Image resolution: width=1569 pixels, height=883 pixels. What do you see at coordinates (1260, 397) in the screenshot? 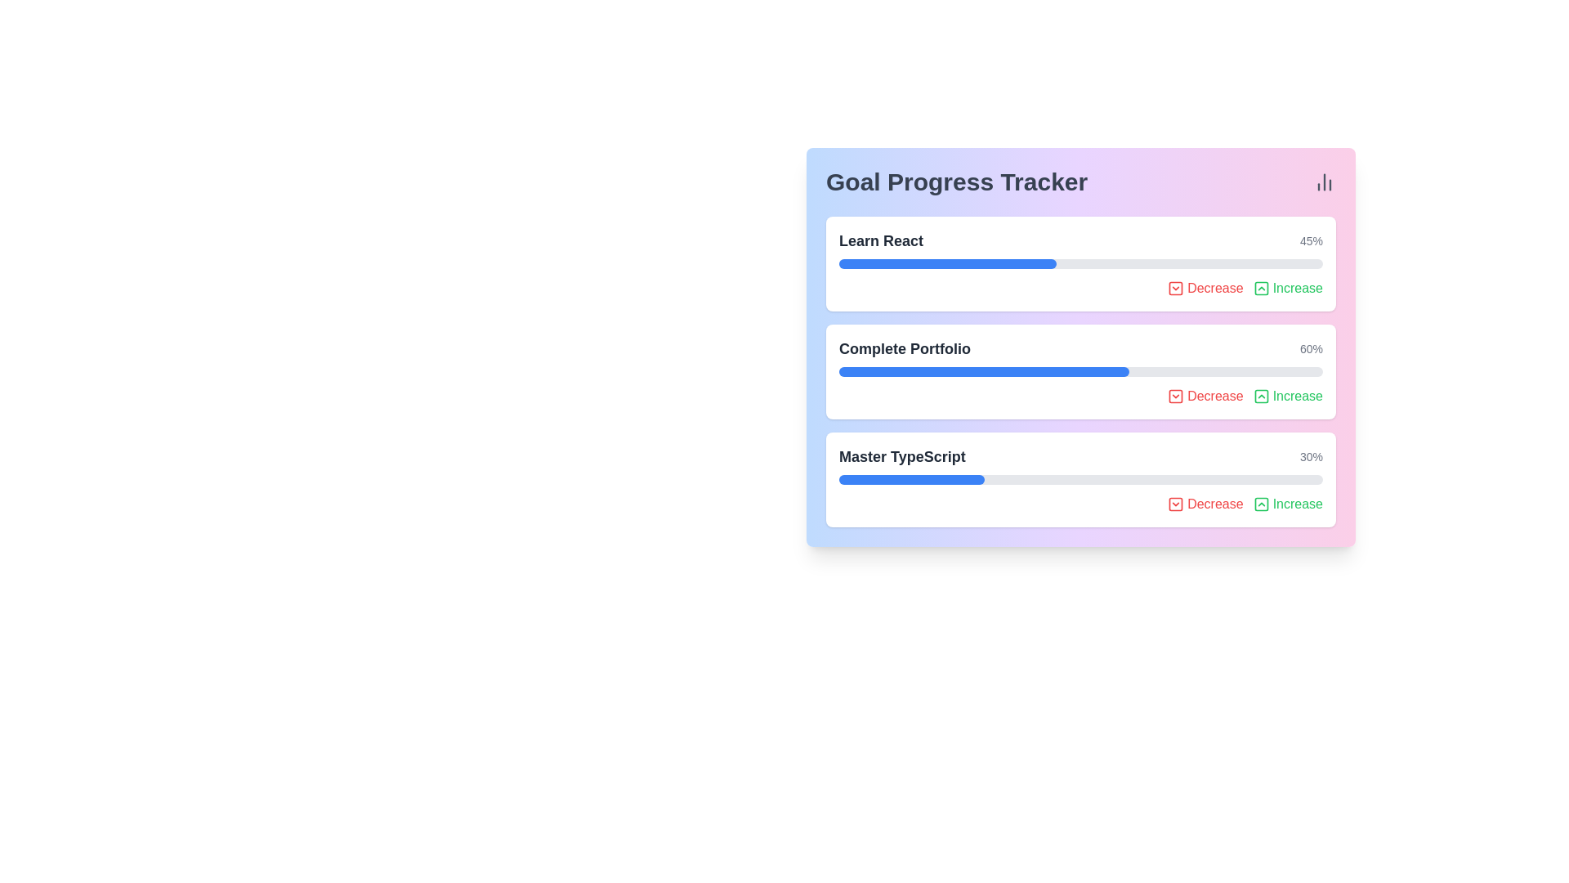
I see `the 'Increase' button` at bounding box center [1260, 397].